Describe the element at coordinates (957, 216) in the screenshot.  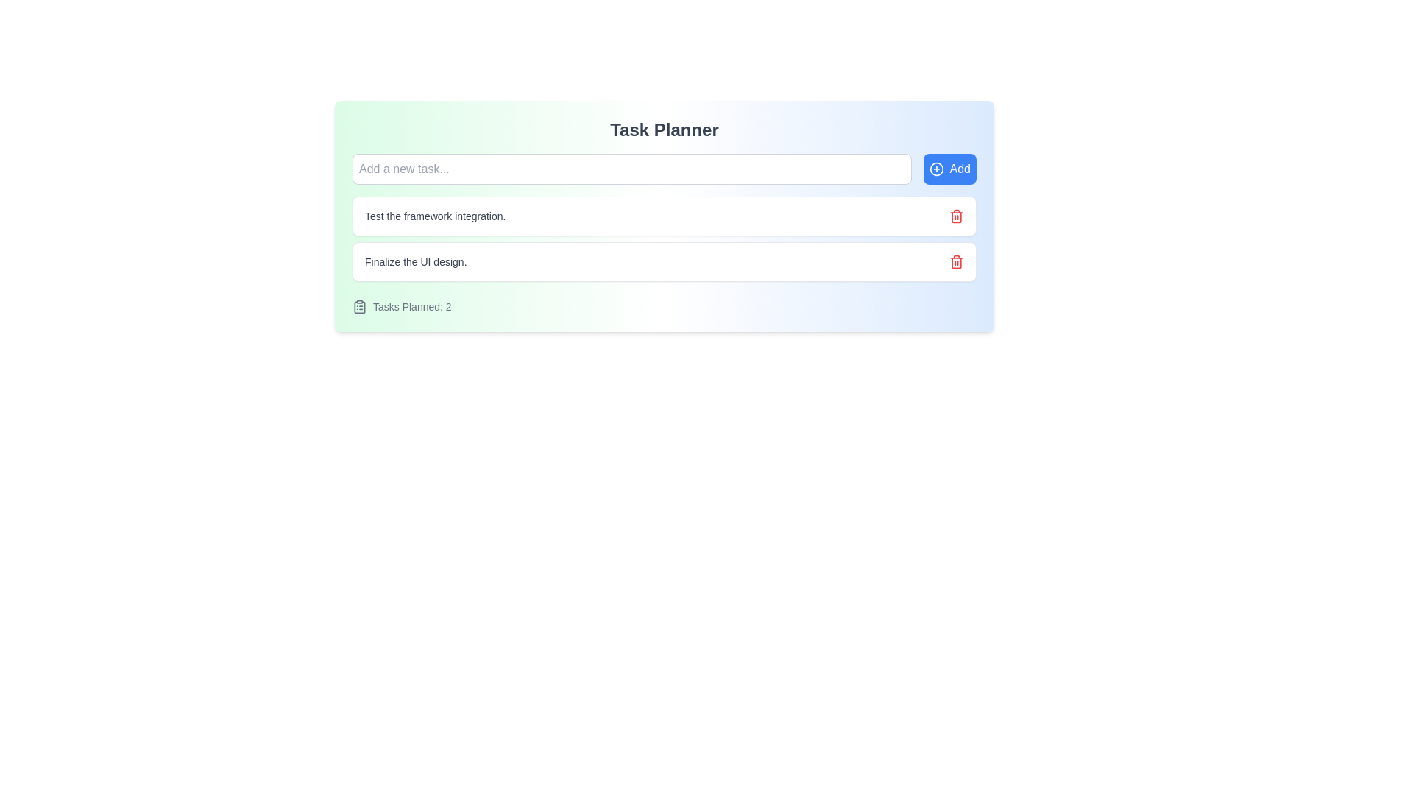
I see `the red-colored trash bin icon button` at that location.